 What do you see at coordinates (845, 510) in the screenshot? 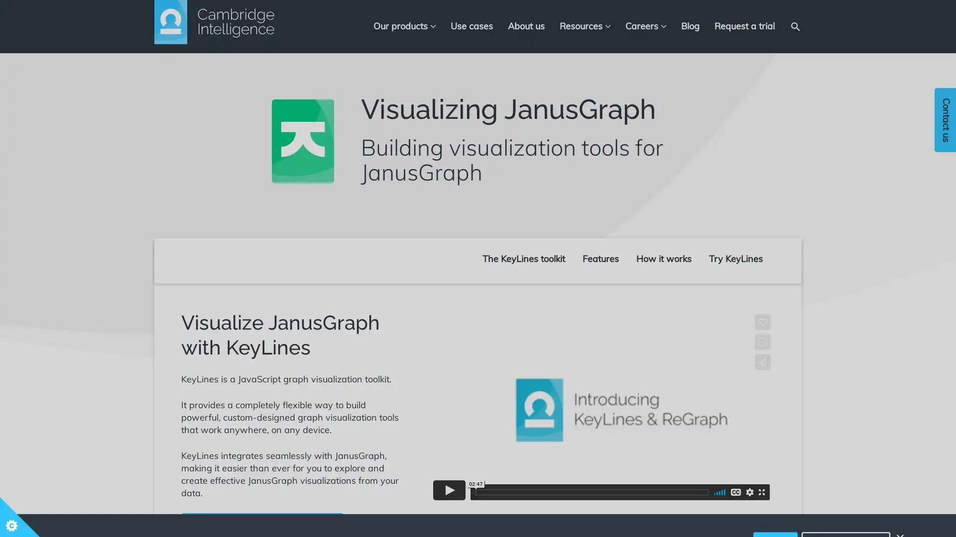
I see `Cookie Preferences` at bounding box center [845, 510].